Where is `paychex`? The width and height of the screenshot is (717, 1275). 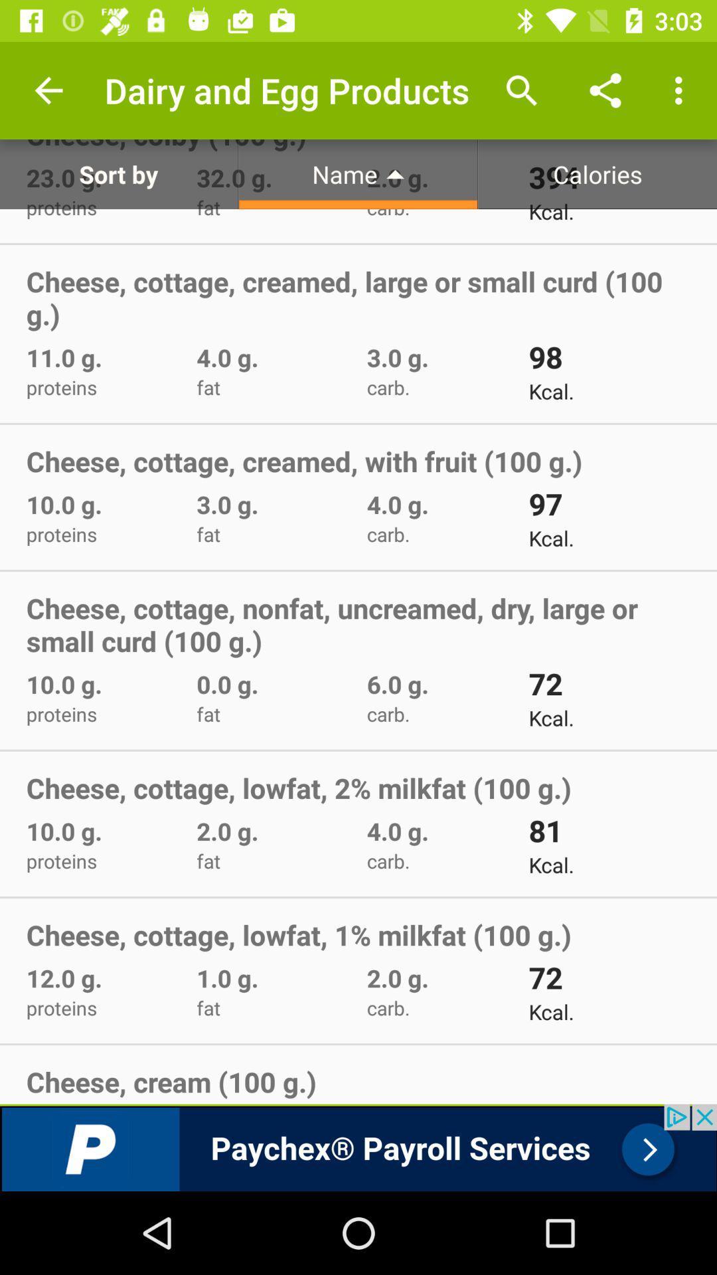
paychex is located at coordinates (358, 1147).